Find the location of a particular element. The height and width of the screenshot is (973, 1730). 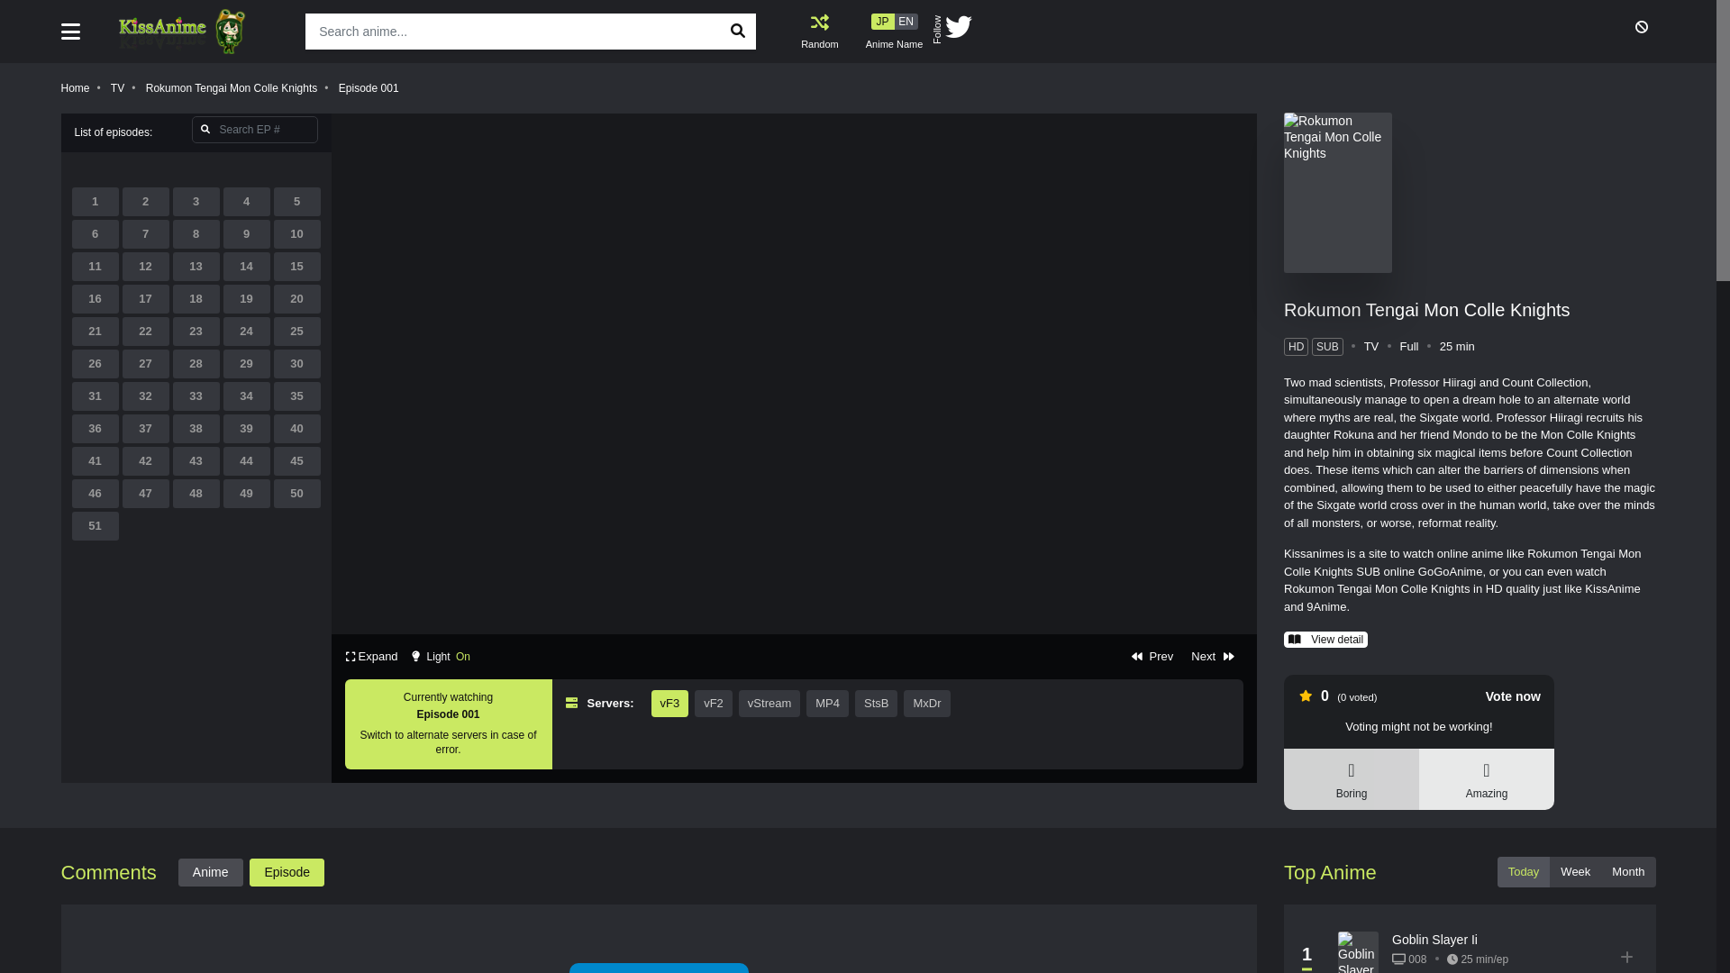

'41' is located at coordinates (72, 460).